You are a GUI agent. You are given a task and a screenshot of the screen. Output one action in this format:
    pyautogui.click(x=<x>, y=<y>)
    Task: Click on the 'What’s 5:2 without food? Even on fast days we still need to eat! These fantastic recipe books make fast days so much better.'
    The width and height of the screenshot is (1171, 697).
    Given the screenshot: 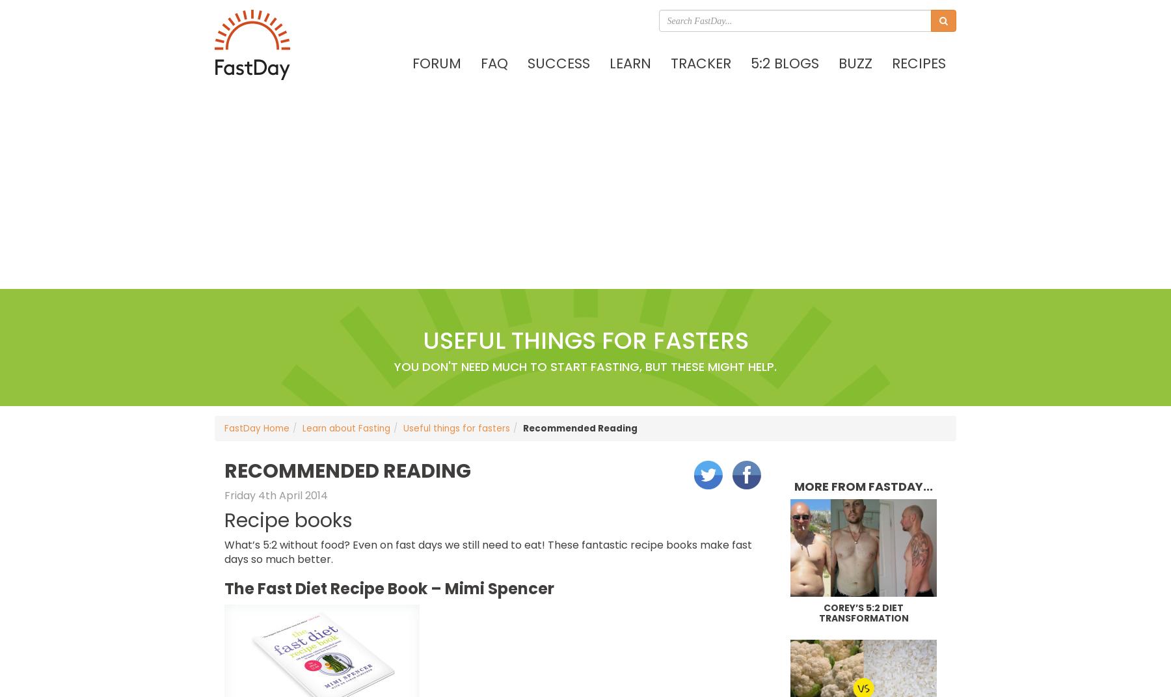 What is the action you would take?
    pyautogui.click(x=487, y=552)
    